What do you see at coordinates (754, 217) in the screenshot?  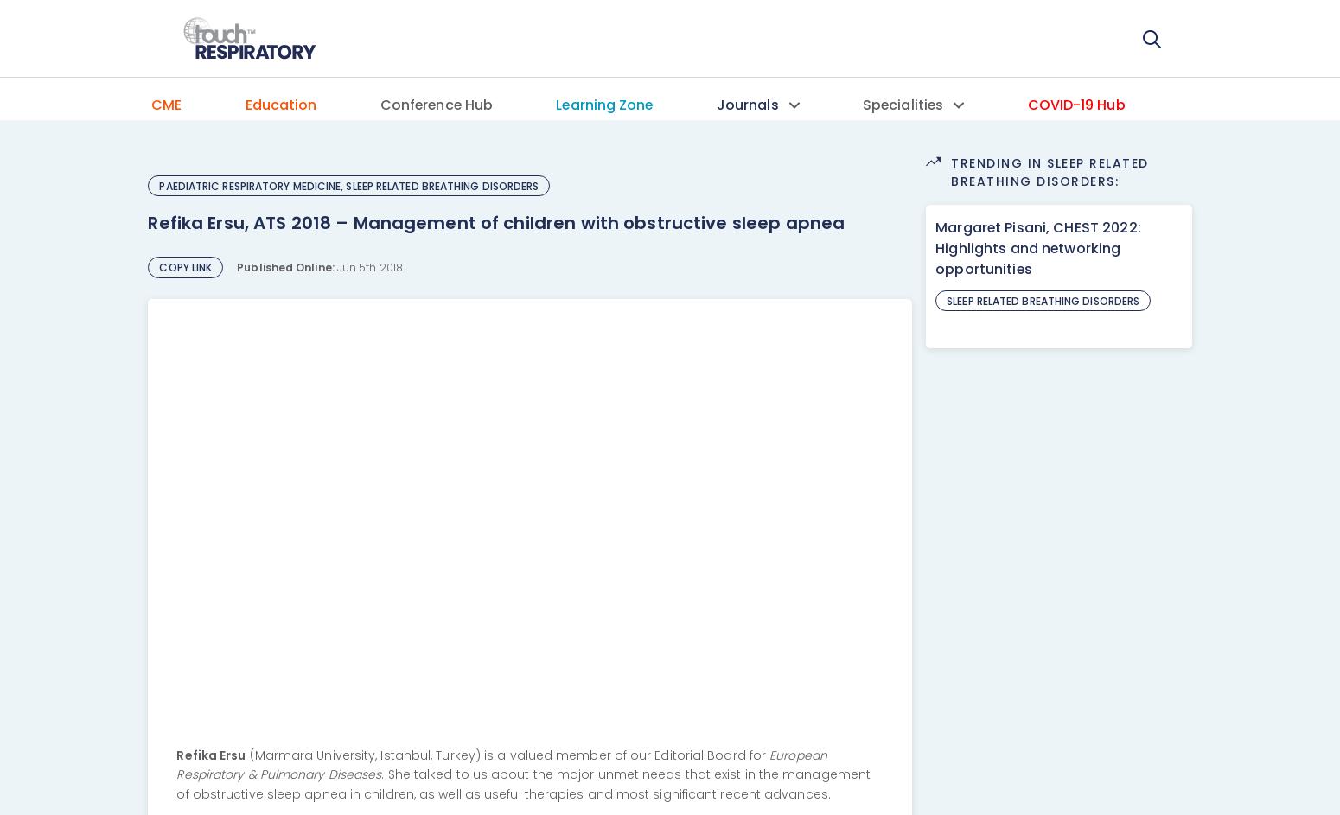 I see `'Editorial board'` at bounding box center [754, 217].